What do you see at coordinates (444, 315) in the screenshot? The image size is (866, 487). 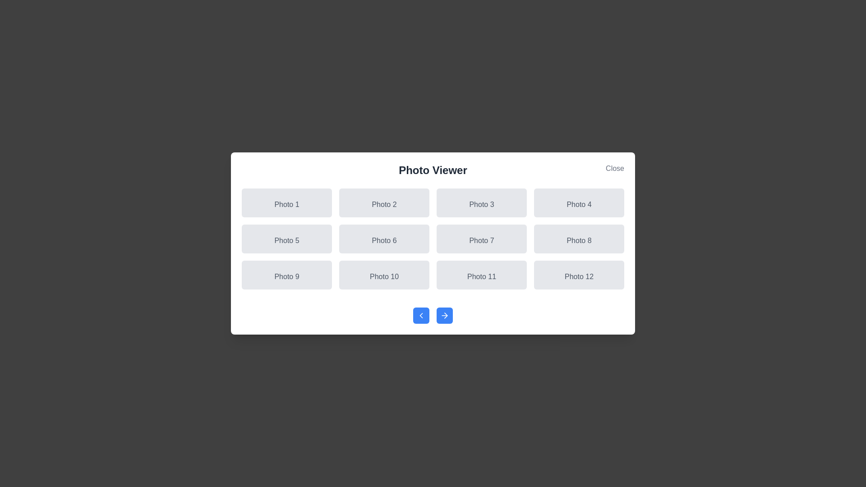 I see `the next navigation button to navigate through photos` at bounding box center [444, 315].